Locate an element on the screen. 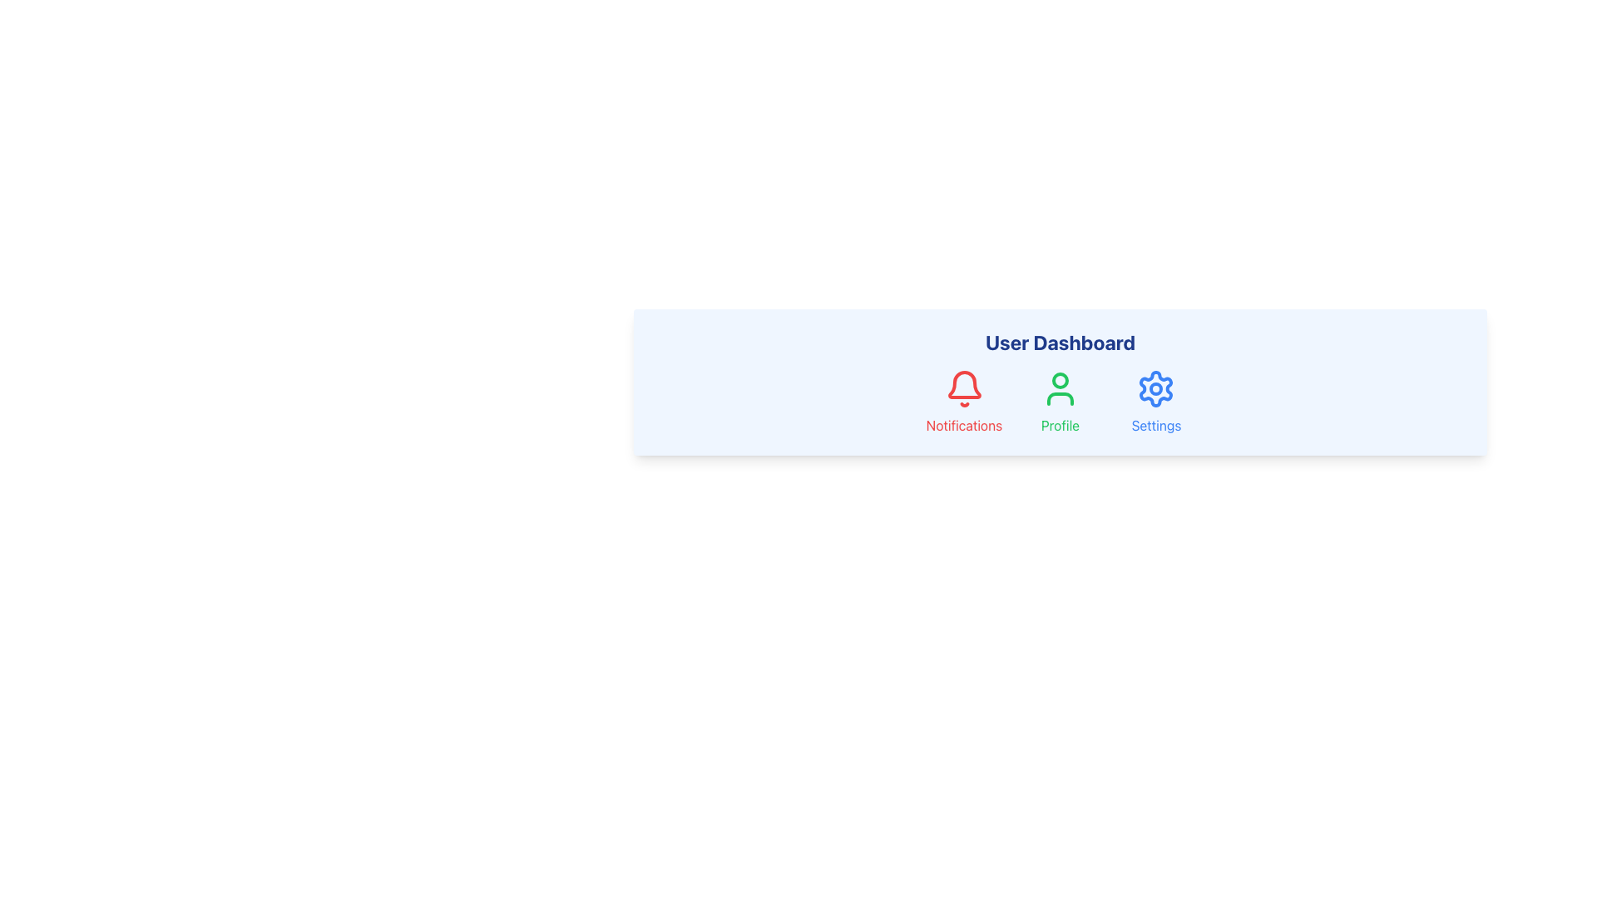 This screenshot has height=898, width=1597. the interactive text element that serves as a clickable link to navigate to the settings section is located at coordinates (1155, 425).